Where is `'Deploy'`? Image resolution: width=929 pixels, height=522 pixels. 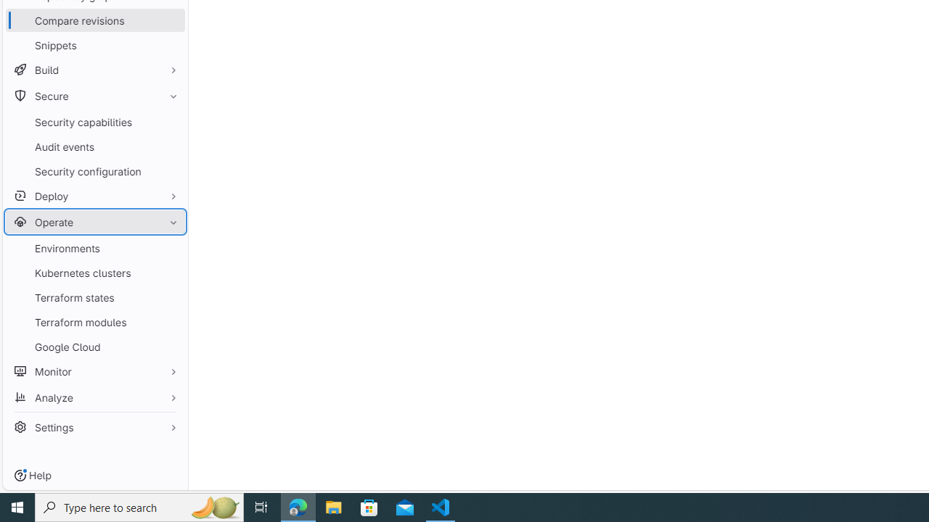 'Deploy' is located at coordinates (94, 196).